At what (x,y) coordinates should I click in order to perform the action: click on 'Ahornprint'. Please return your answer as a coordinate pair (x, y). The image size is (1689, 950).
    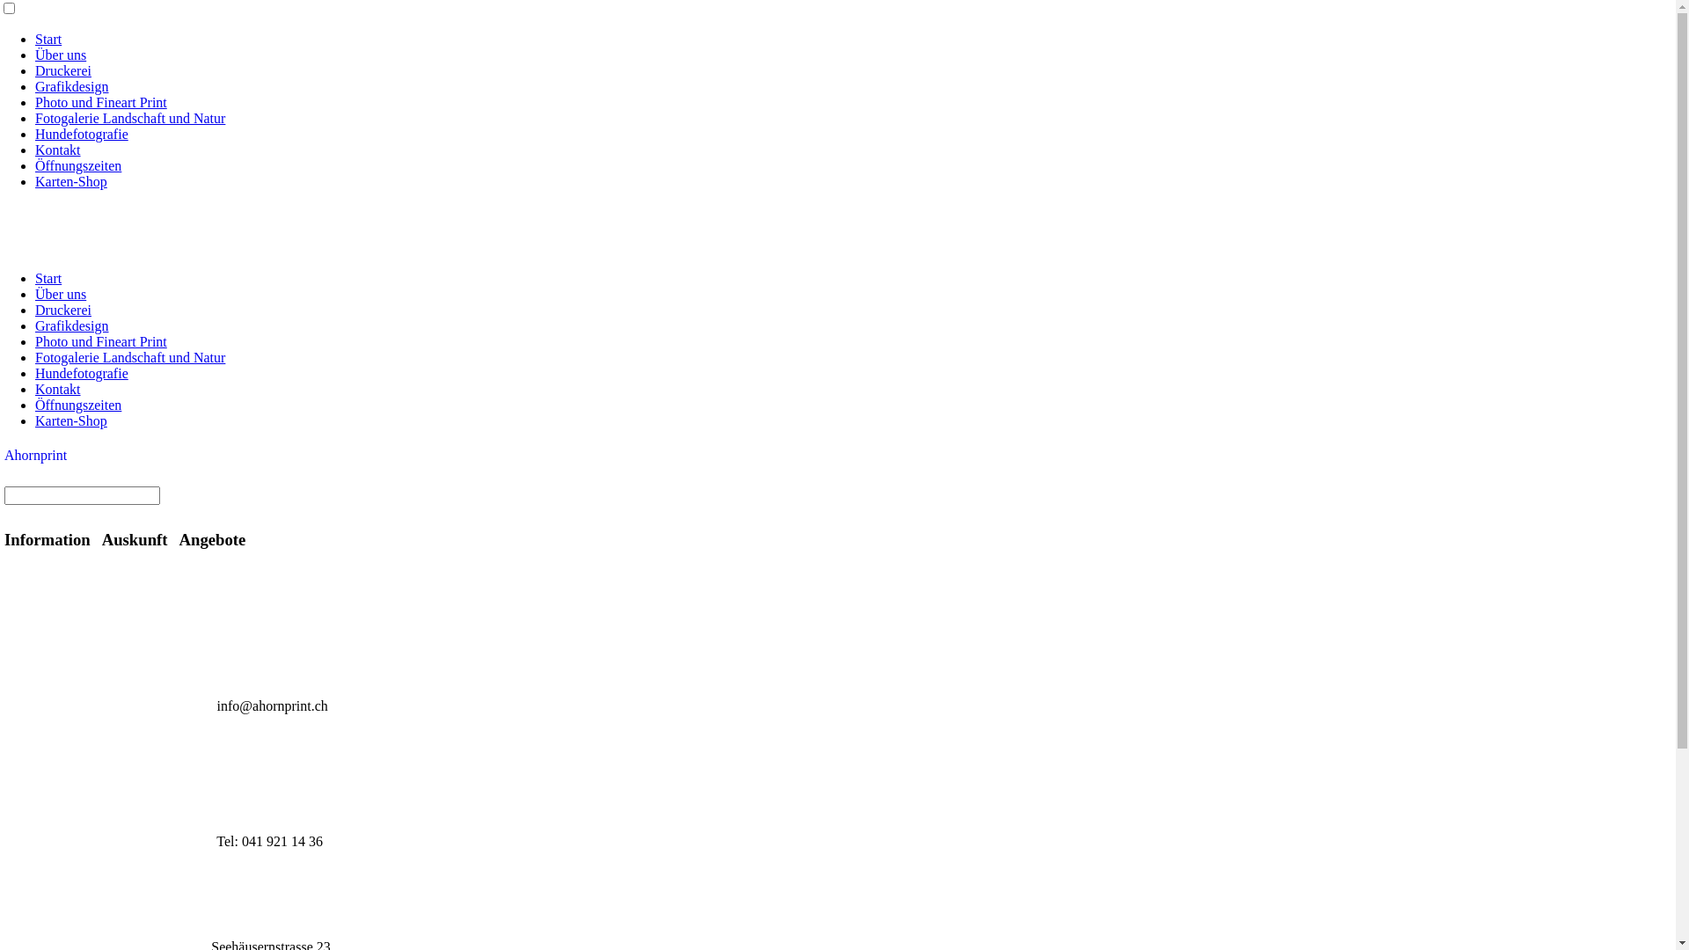
    Looking at the image, I should click on (35, 454).